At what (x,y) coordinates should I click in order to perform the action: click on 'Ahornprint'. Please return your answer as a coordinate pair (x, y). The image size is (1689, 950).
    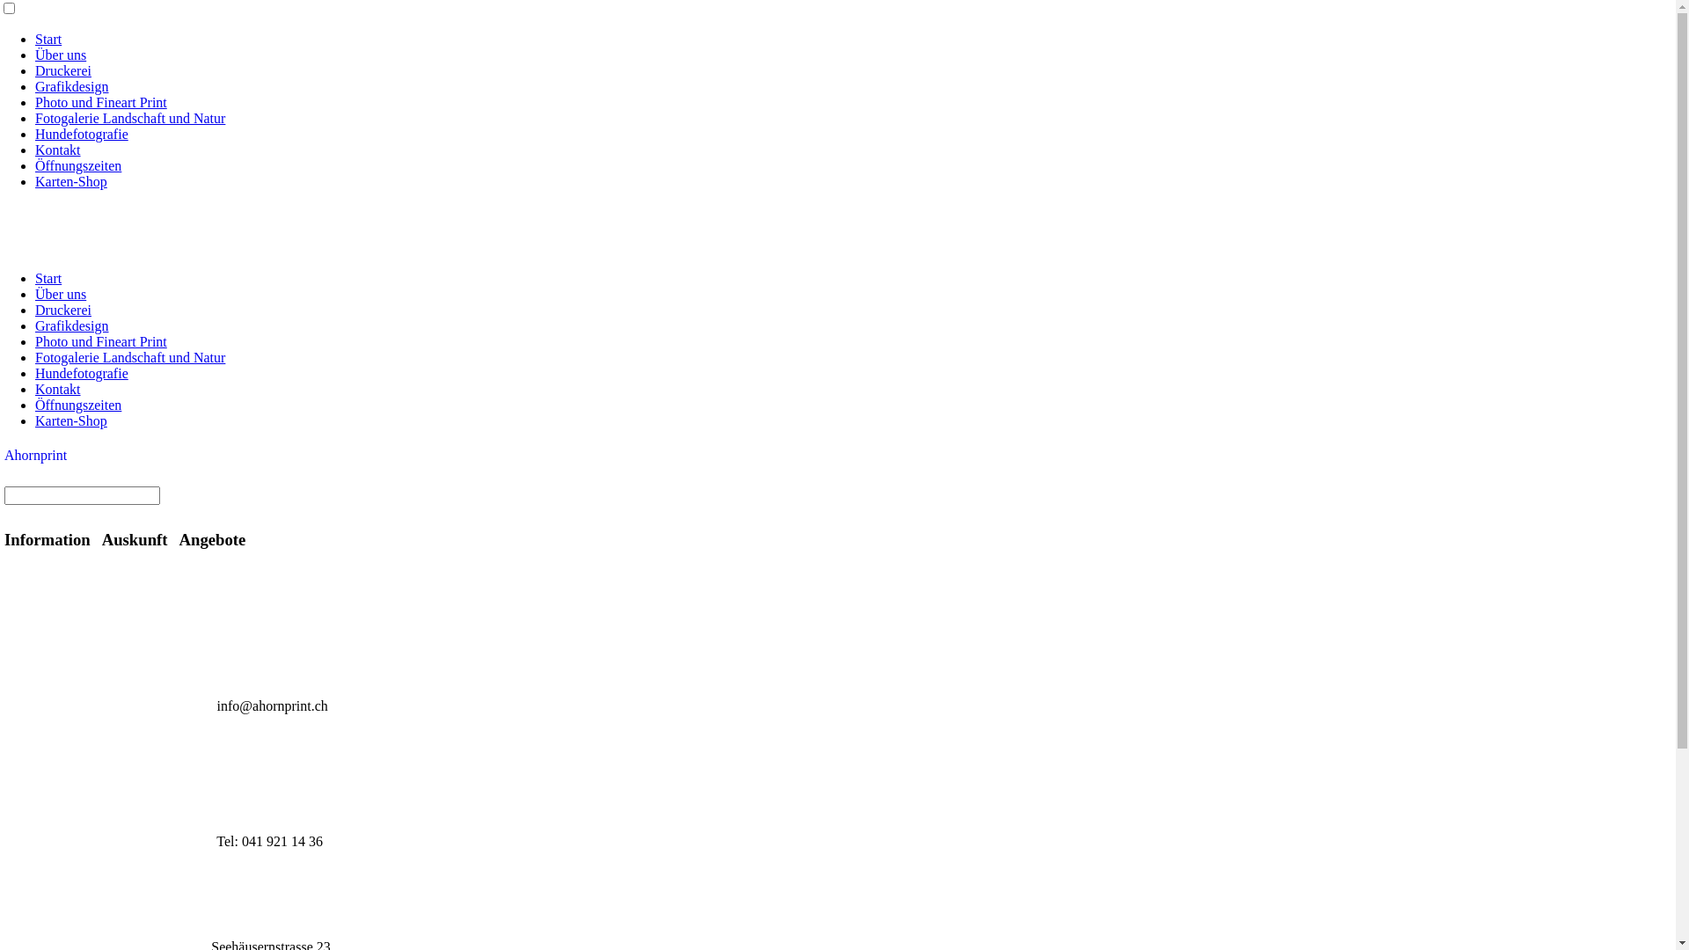
    Looking at the image, I should click on (35, 454).